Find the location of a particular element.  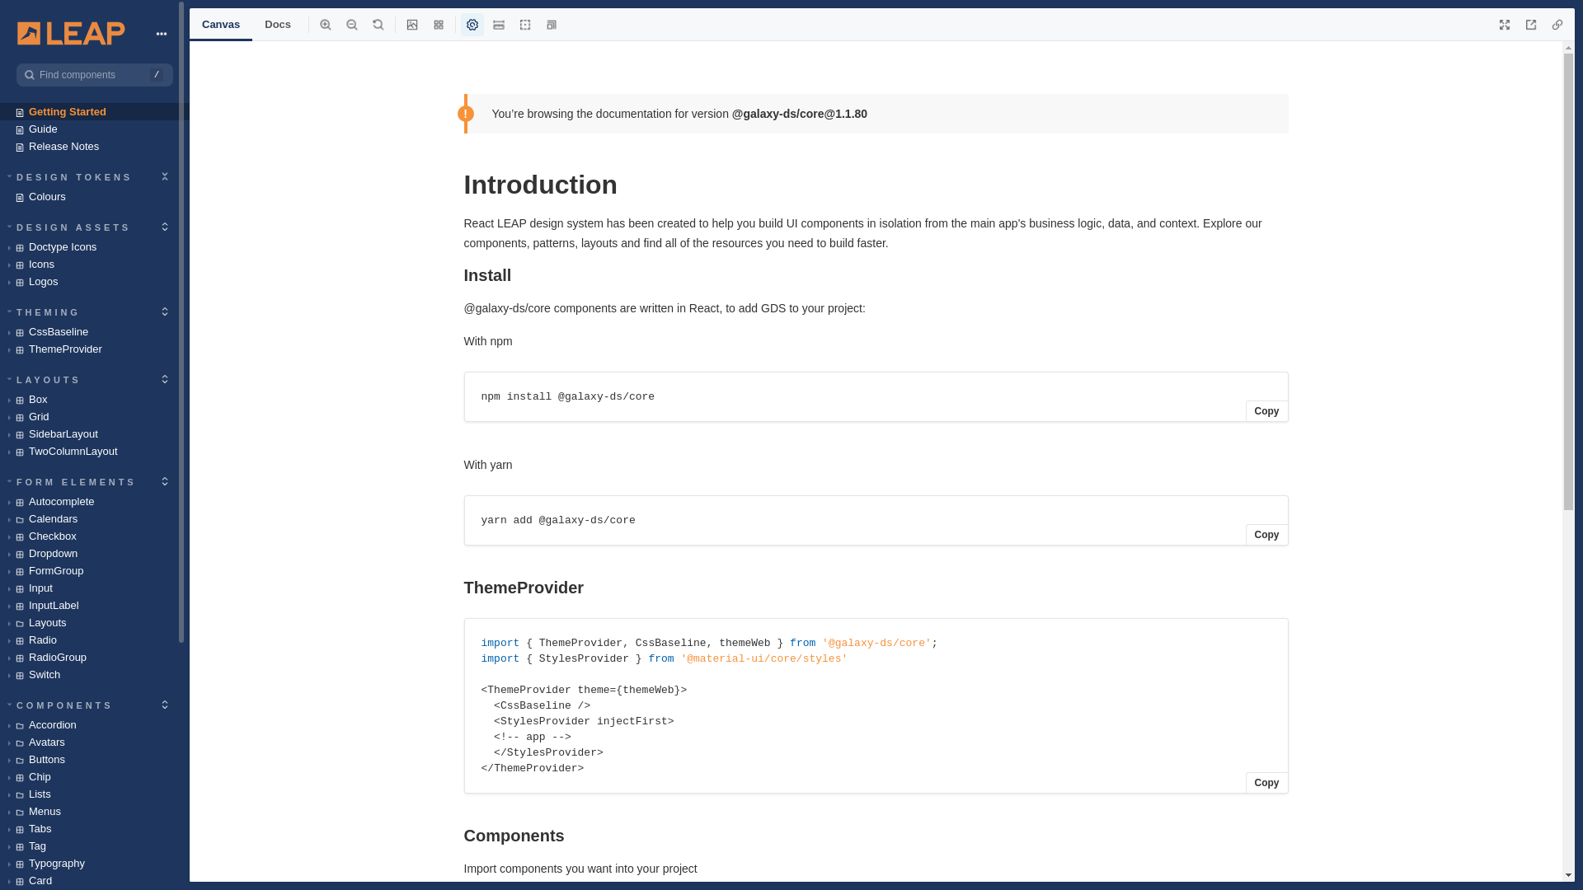

'LEAP Docs' is located at coordinates (70, 33).